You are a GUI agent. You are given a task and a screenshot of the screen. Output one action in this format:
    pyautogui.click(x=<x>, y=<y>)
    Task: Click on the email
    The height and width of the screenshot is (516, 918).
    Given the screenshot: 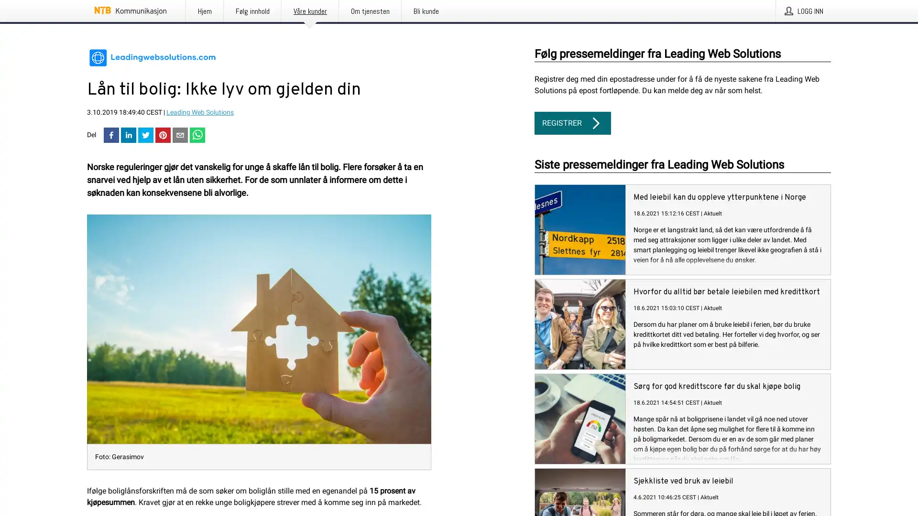 What is the action you would take?
    pyautogui.click(x=180, y=136)
    